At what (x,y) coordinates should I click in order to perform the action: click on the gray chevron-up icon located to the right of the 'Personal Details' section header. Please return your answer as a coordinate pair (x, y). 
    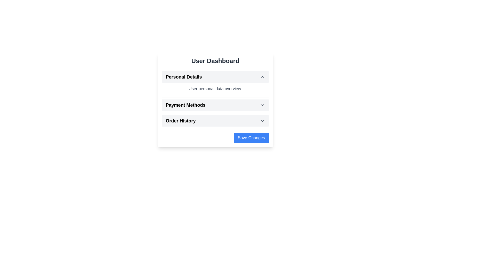
    Looking at the image, I should click on (262, 77).